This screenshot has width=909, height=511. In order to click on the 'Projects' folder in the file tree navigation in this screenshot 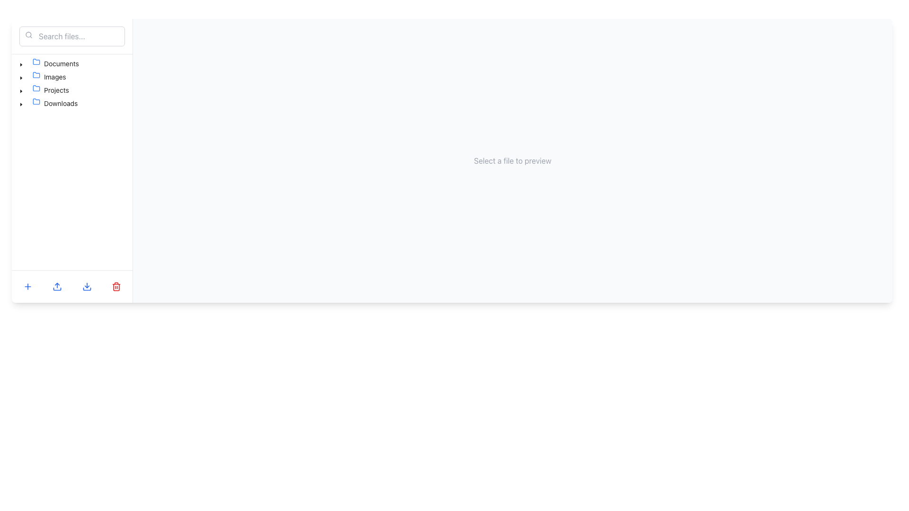, I will do `click(50, 90)`.